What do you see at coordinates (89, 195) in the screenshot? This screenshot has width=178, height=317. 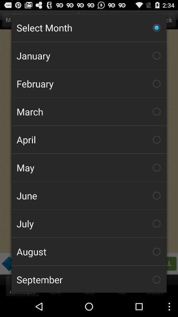 I see `item below the may icon` at bounding box center [89, 195].